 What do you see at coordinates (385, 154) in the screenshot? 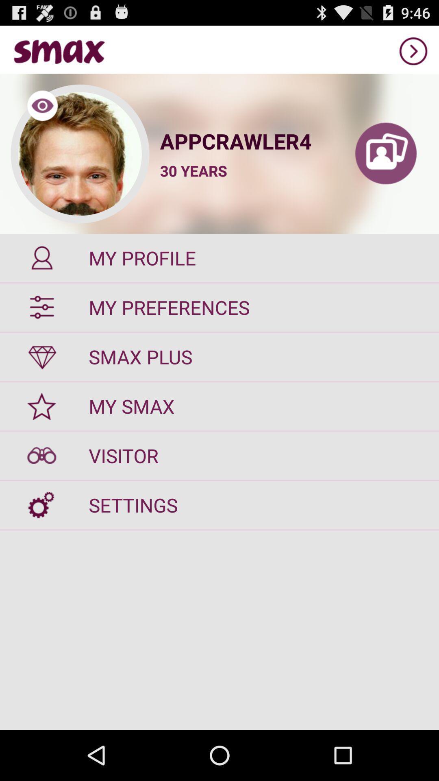
I see `the item above the my profile item` at bounding box center [385, 154].